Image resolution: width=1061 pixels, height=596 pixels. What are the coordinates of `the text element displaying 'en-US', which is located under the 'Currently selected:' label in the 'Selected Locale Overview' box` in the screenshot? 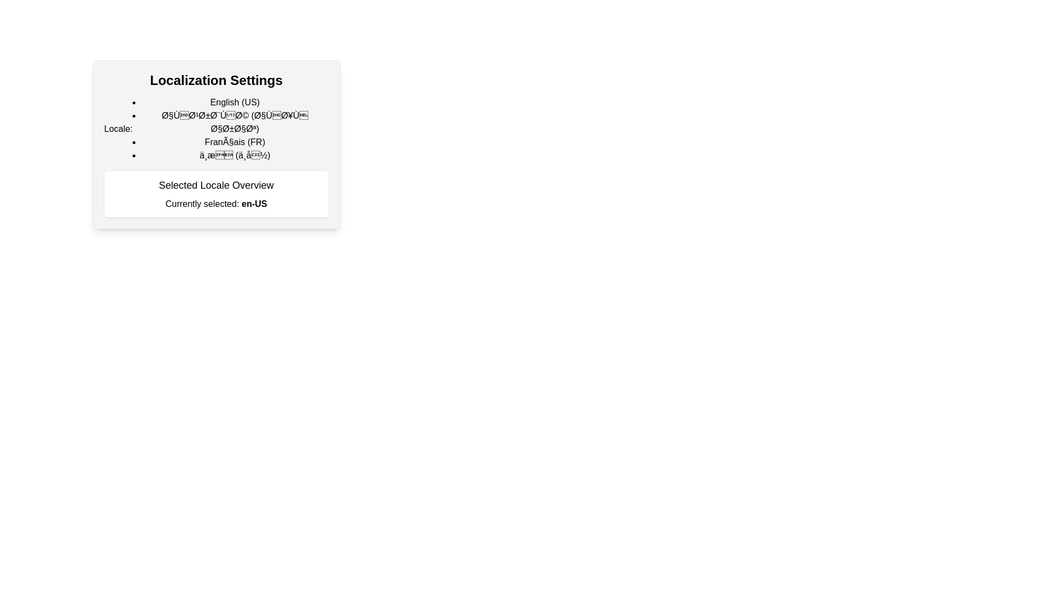 It's located at (254, 204).